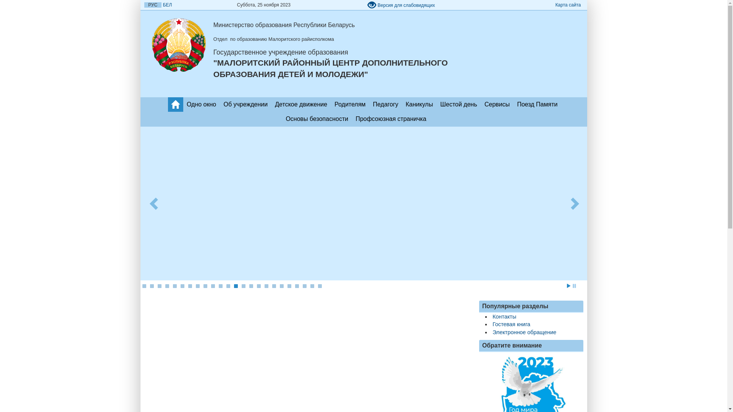 The width and height of the screenshot is (733, 412). Describe the element at coordinates (266, 286) in the screenshot. I see `'17'` at that location.